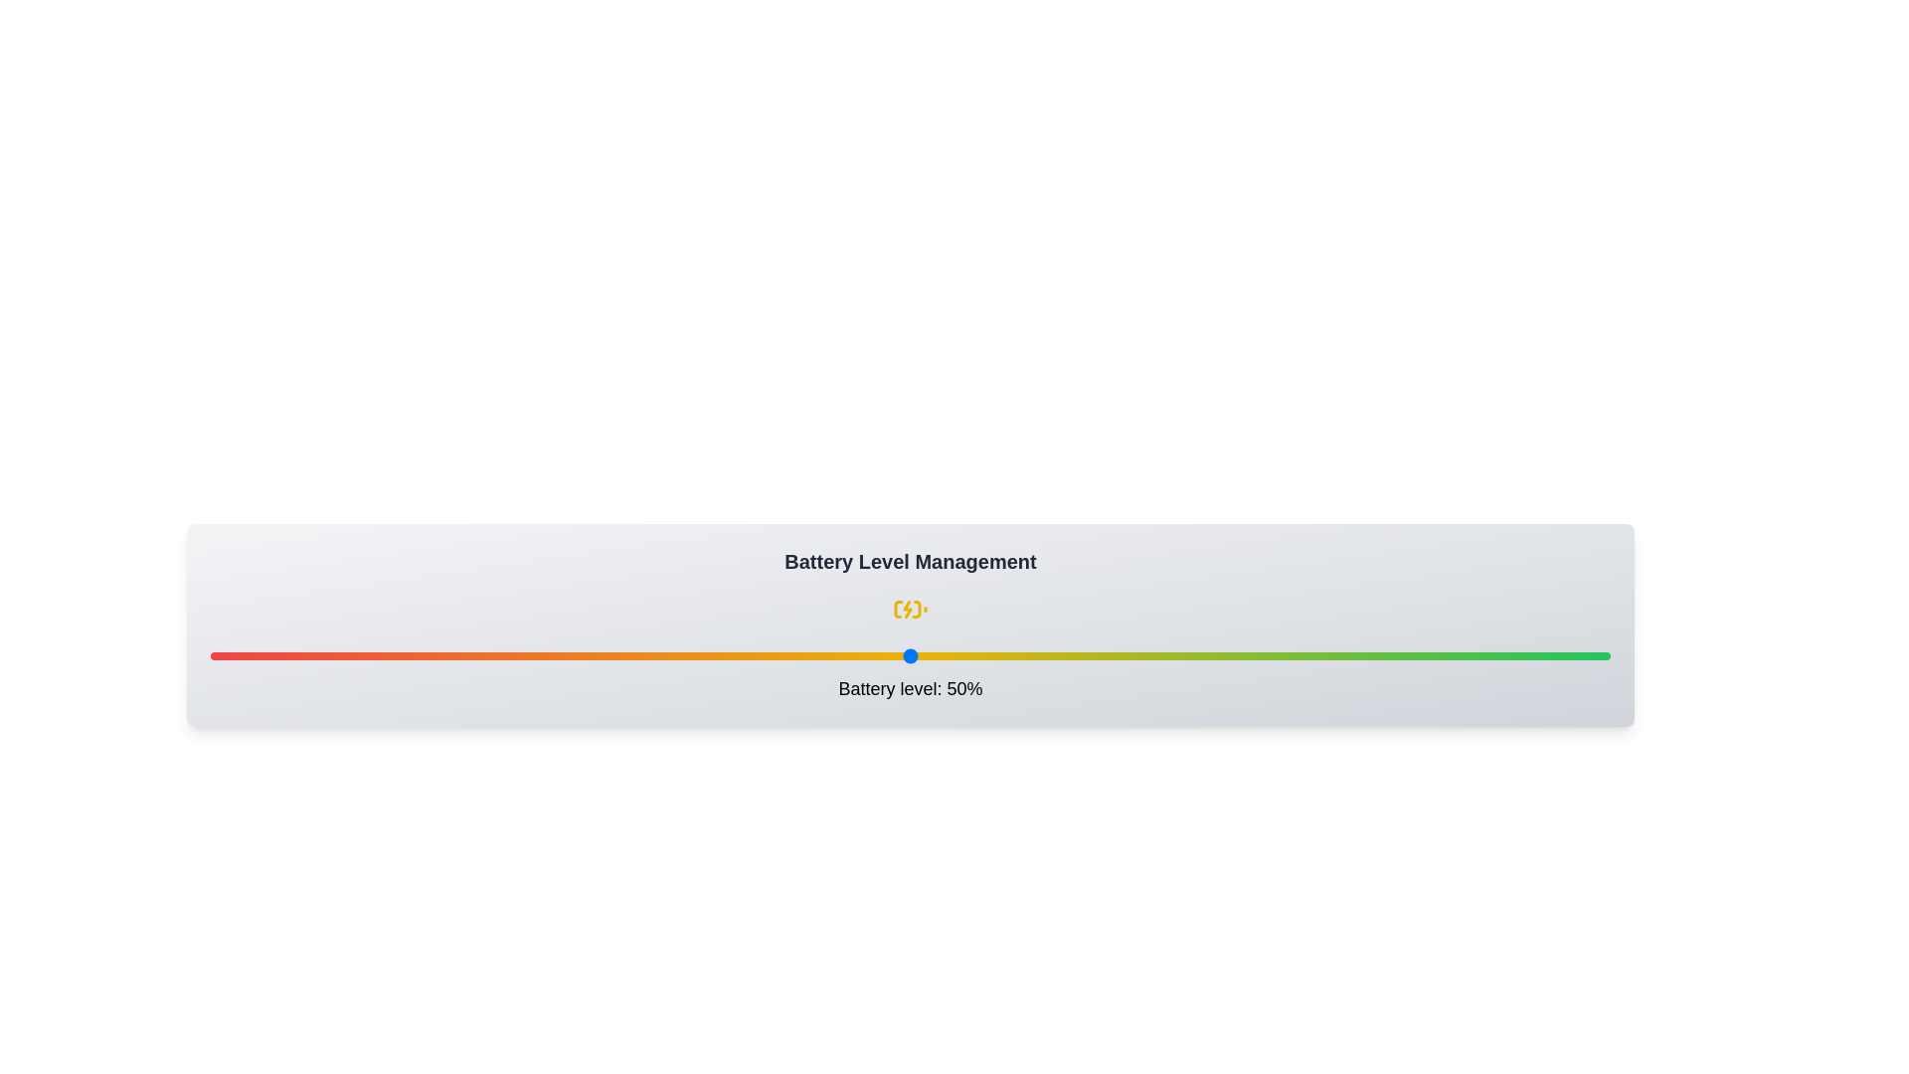 Image resolution: width=1909 pixels, height=1074 pixels. I want to click on the battery level to 7% by interacting with the slider, so click(307, 655).